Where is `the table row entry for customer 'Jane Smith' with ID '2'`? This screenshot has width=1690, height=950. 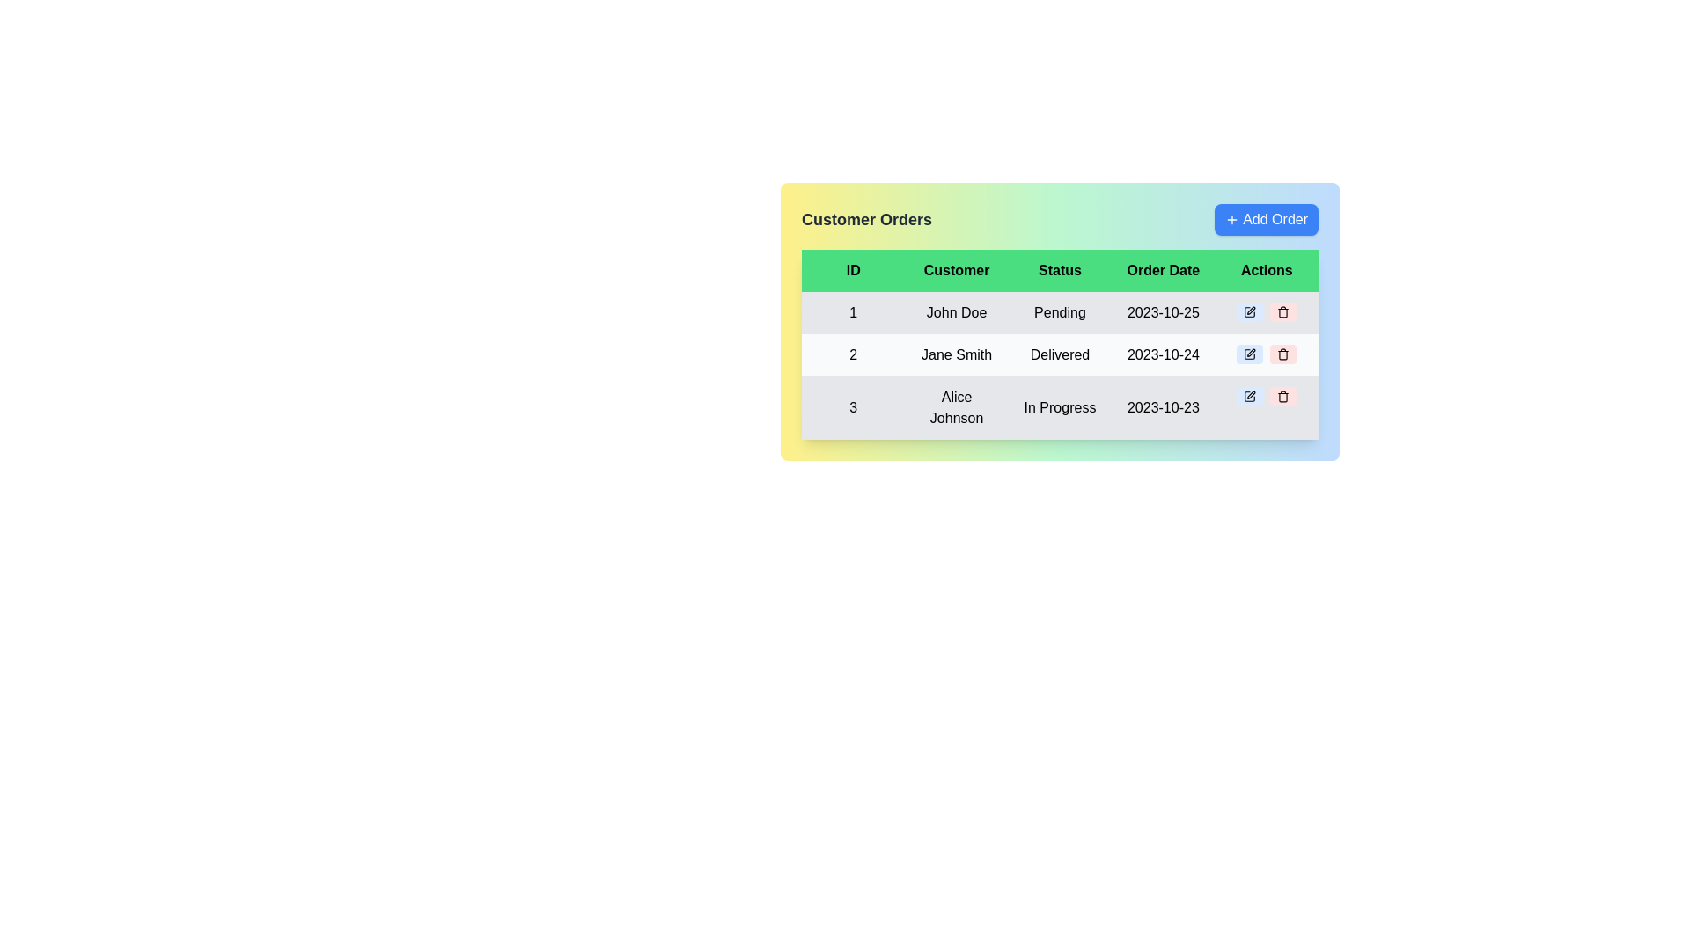
the table row entry for customer 'Jane Smith' with ID '2' is located at coordinates (1059, 355).